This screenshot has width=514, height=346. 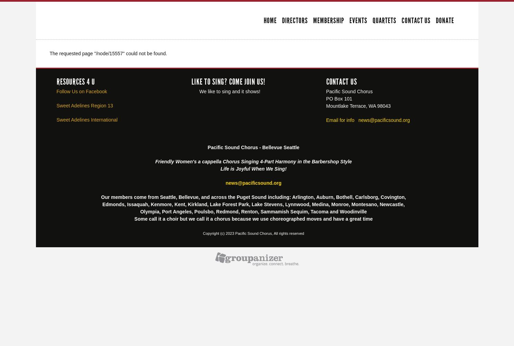 What do you see at coordinates (84, 105) in the screenshot?
I see `'Sweet Adelines Region 13'` at bounding box center [84, 105].